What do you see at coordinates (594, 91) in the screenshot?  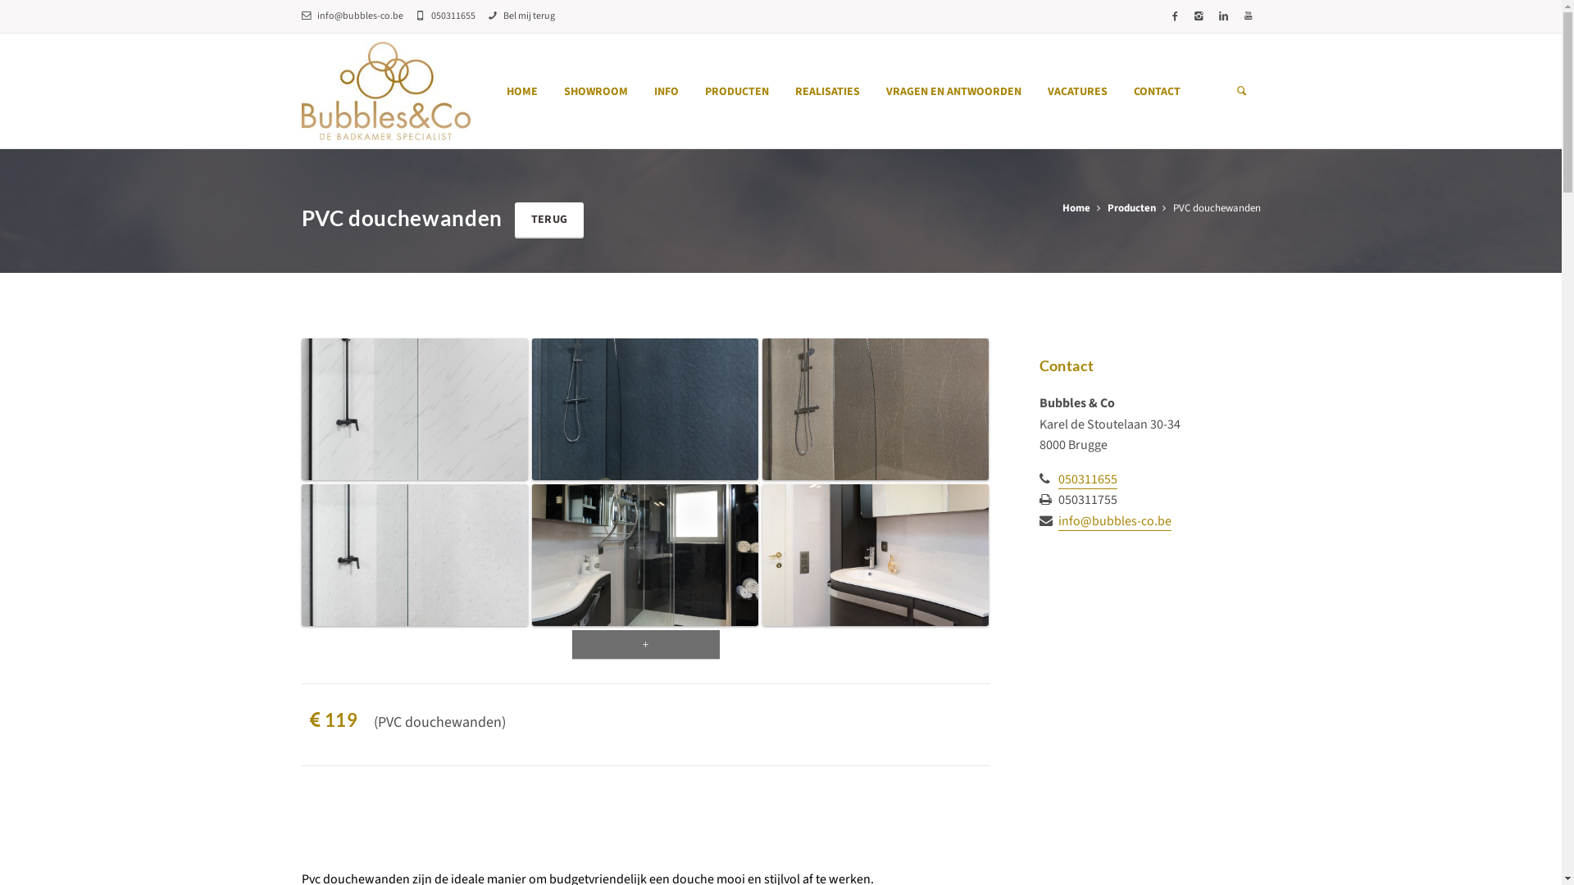 I see `'SHOWROOM'` at bounding box center [594, 91].